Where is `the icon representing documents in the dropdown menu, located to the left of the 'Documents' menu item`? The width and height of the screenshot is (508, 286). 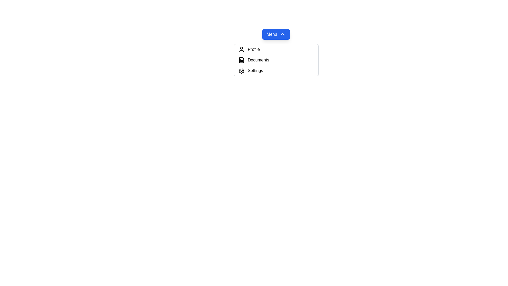 the icon representing documents in the dropdown menu, located to the left of the 'Documents' menu item is located at coordinates (241, 60).